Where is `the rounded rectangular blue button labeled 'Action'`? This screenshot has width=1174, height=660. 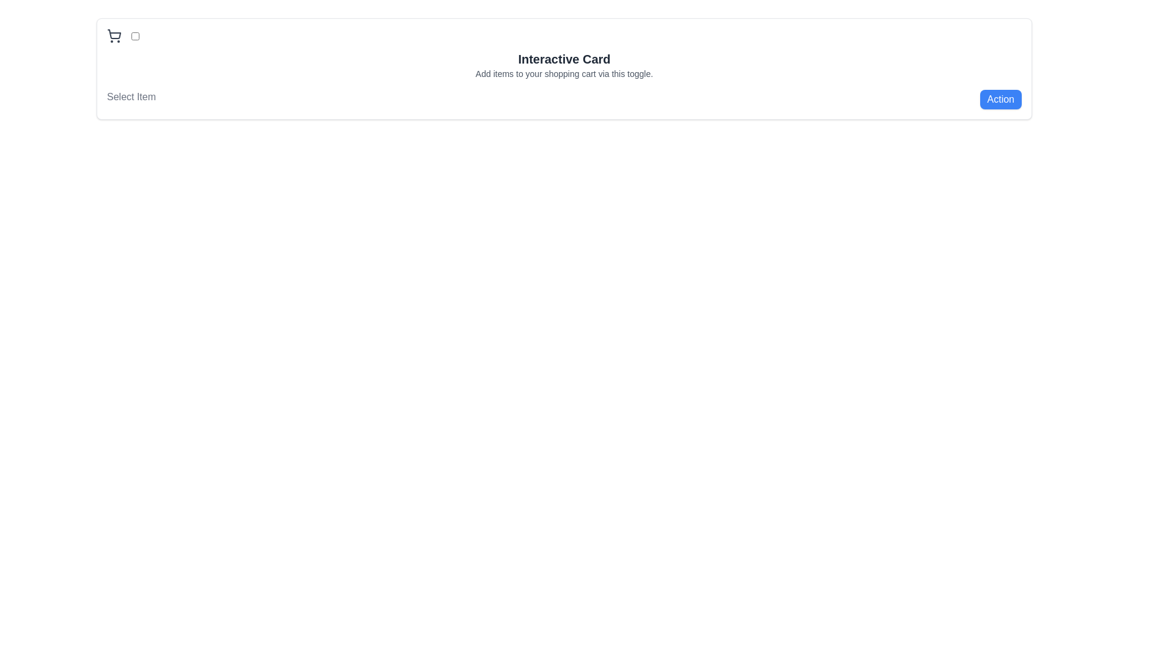 the rounded rectangular blue button labeled 'Action' is located at coordinates (1000, 98).